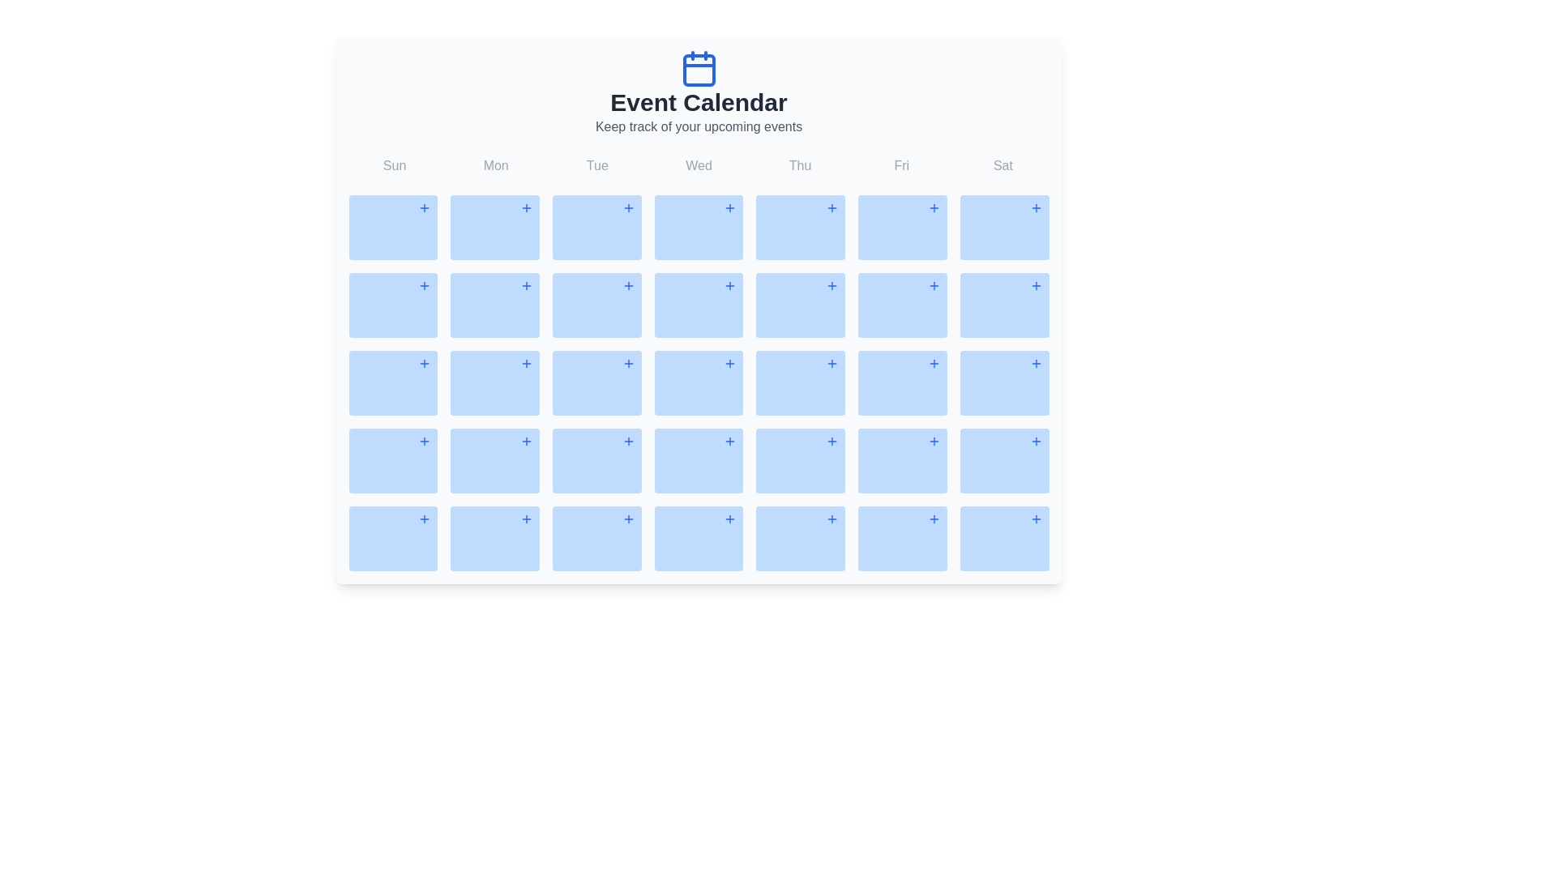 The height and width of the screenshot is (875, 1556). I want to click on the calendar grid item, a rectangular tile with a blue background and a plus symbol in the top-right corner, so click(494, 383).